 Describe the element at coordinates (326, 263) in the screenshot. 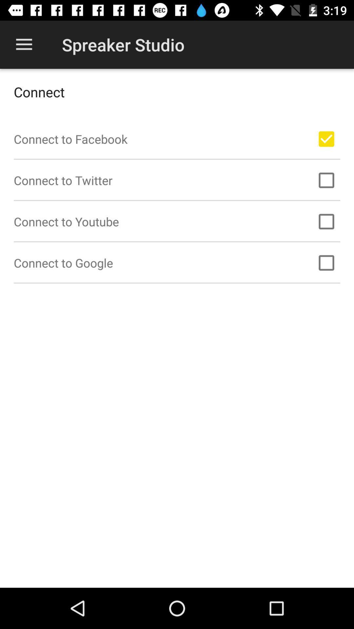

I see `connect to google` at that location.